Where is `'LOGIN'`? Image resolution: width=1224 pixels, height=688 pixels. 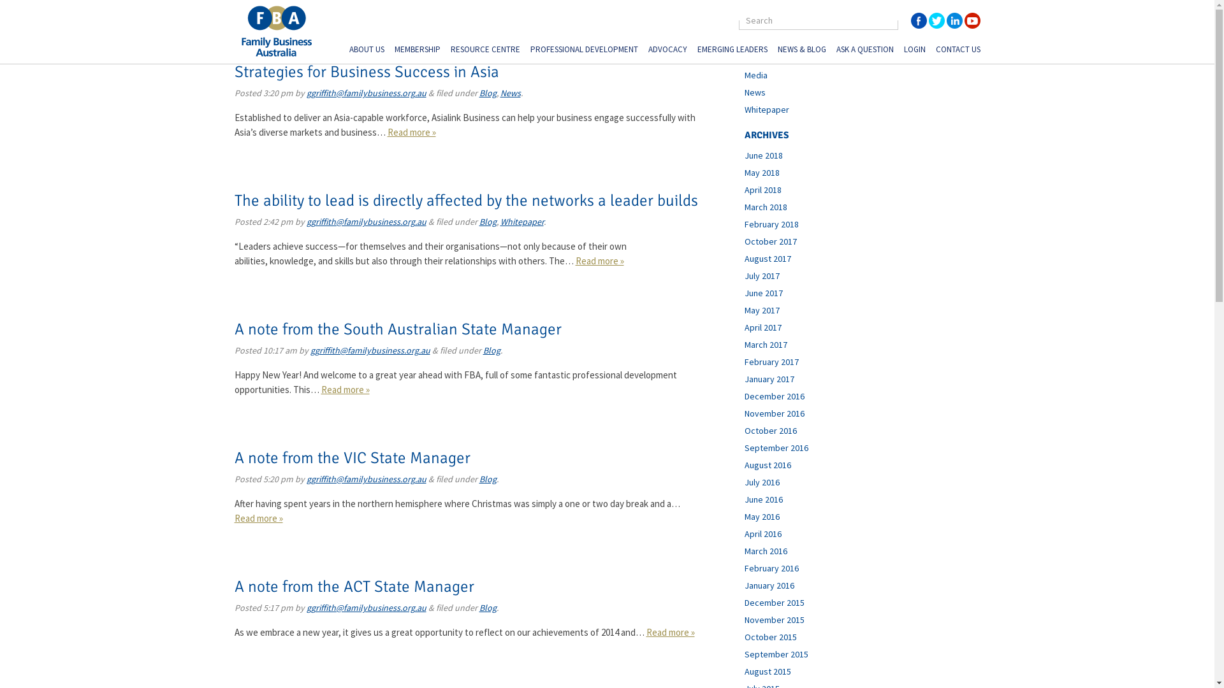
'LOGIN' is located at coordinates (914, 50).